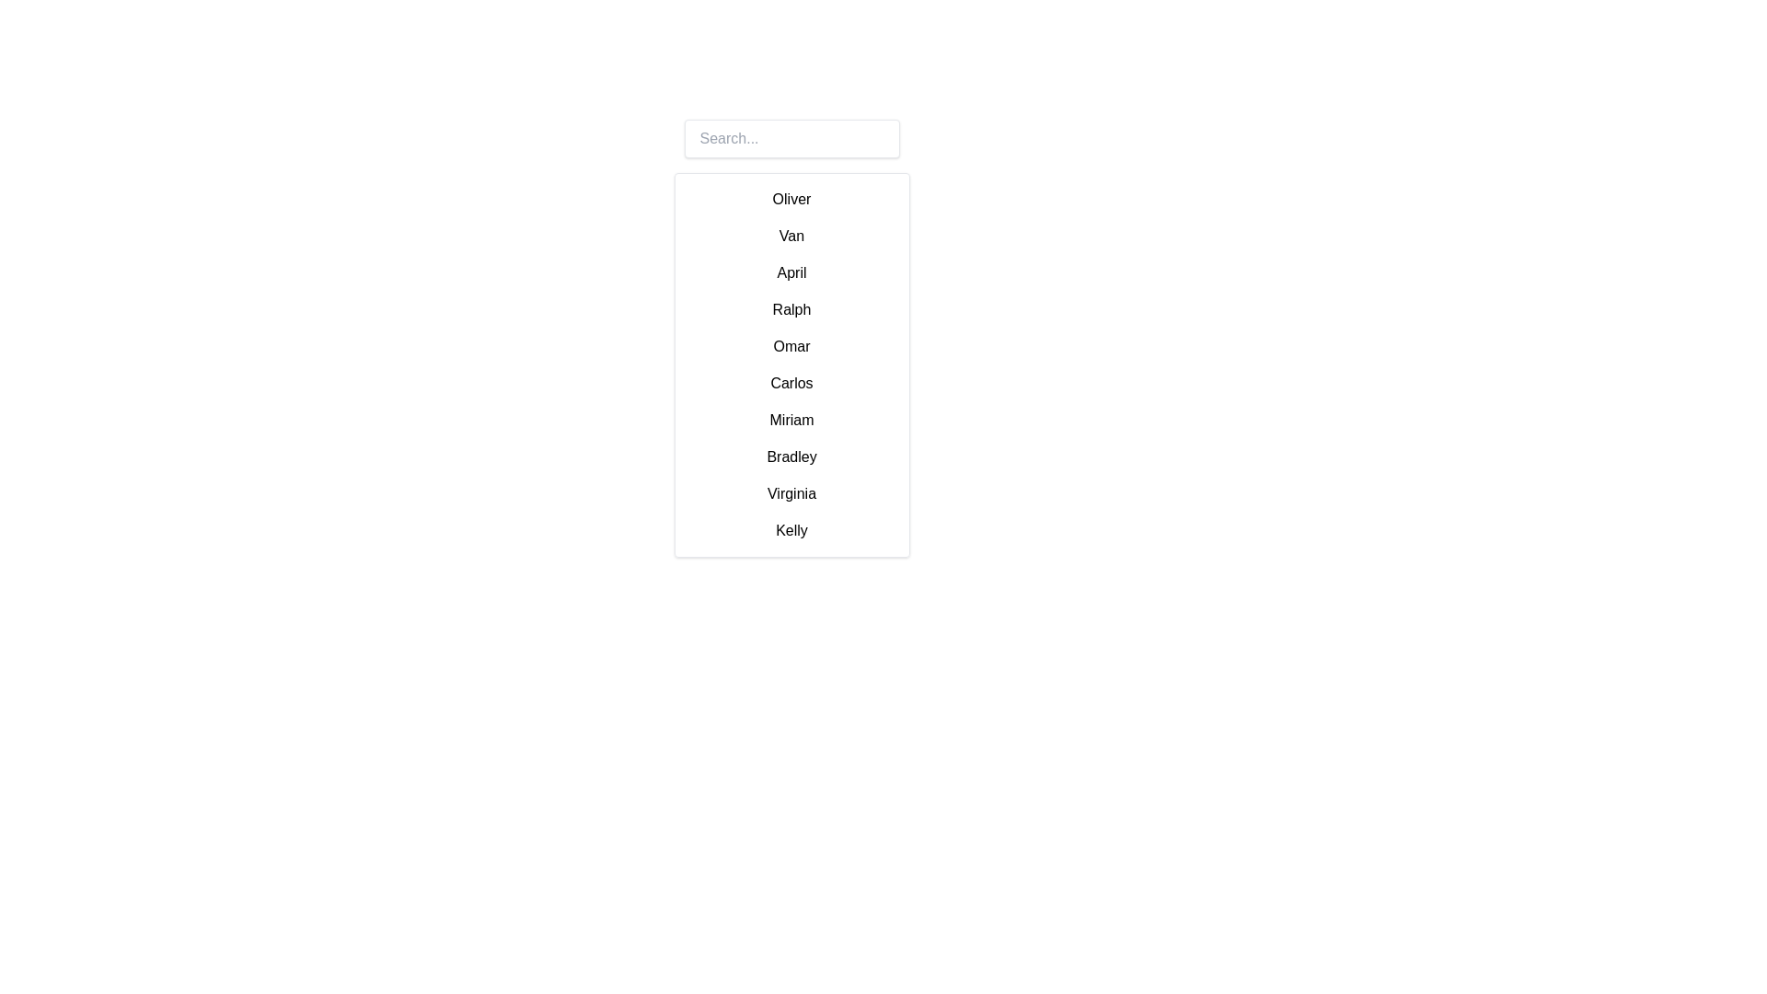 The image size is (1767, 994). Describe the element at coordinates (791, 308) in the screenshot. I see `the selectable text label for 'Ralph', the fourth item in a vertical list, to change its background` at that location.